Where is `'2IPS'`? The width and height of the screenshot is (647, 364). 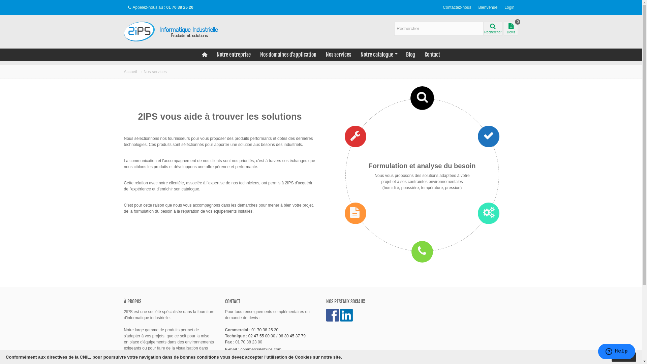
'2IPS' is located at coordinates (175, 31).